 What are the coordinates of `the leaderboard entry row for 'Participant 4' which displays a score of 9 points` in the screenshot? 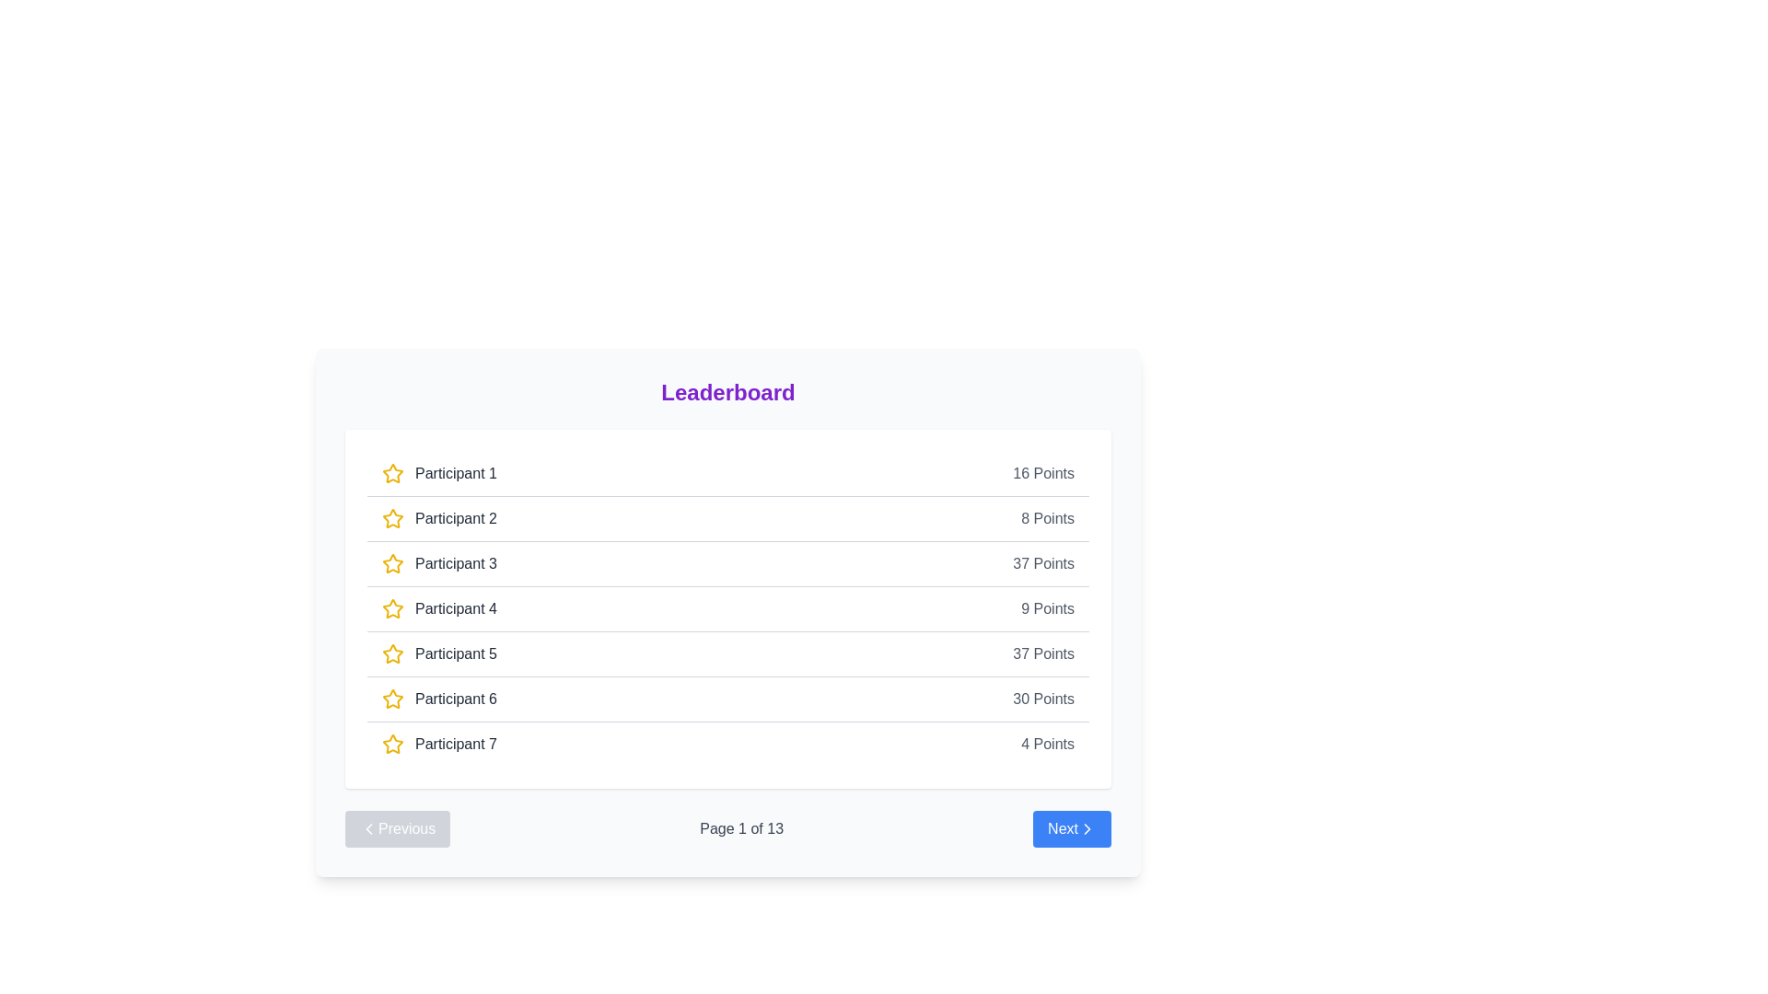 It's located at (727, 608).